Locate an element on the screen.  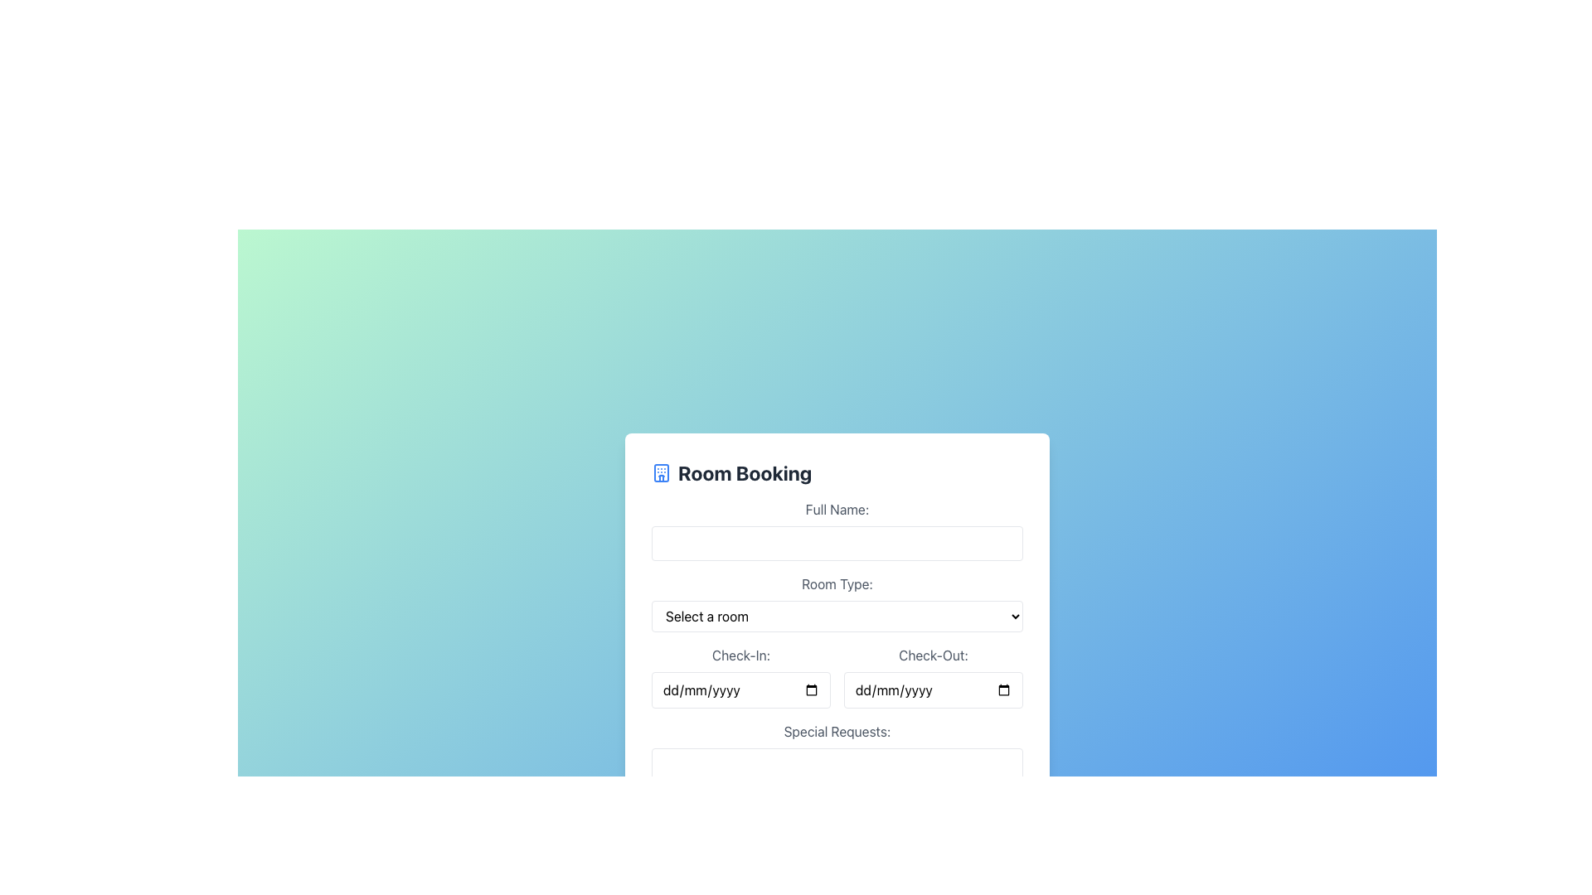
a date using the date picker in the Date input field located below the 'Check-In:' label and aligned with the 'Check-Out' date field is located at coordinates (740, 690).